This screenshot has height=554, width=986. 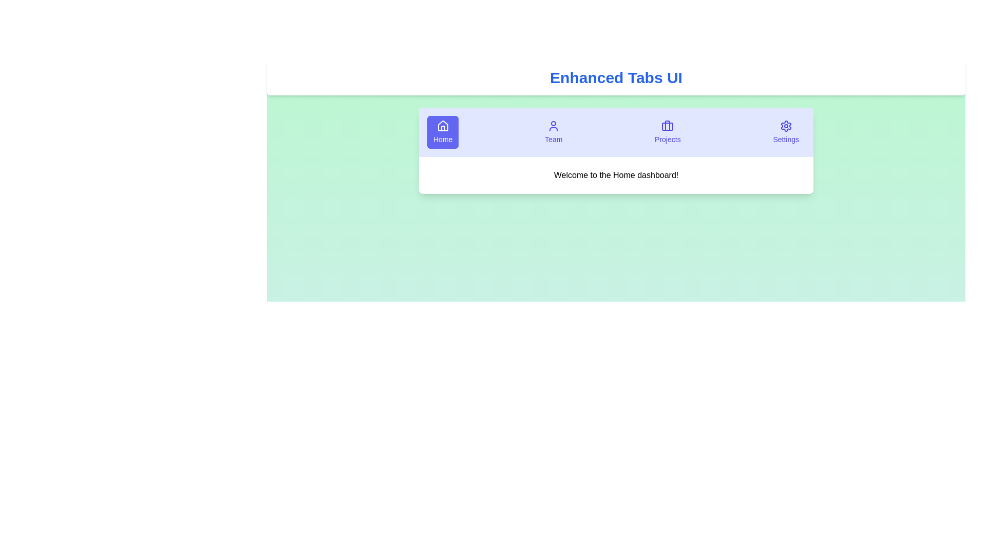 I want to click on the informational welcome message text label located below the navigation bar in the dashboard, confirming the user's current location in the application, so click(x=616, y=175).